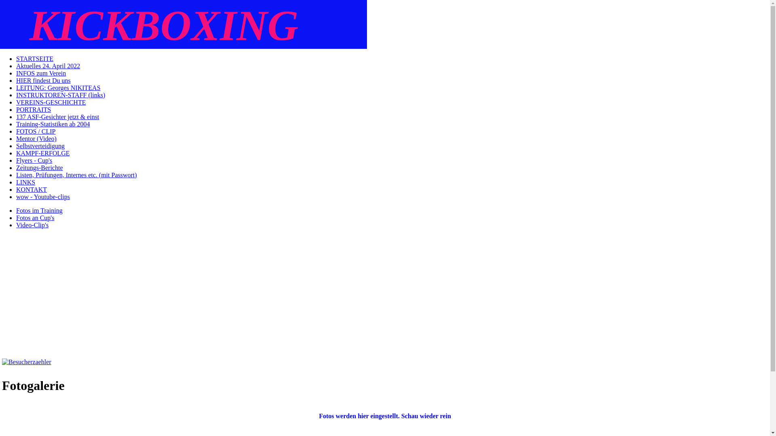 The height and width of the screenshot is (436, 776). Describe the element at coordinates (39, 167) in the screenshot. I see `'Zeitungs-Berichte'` at that location.